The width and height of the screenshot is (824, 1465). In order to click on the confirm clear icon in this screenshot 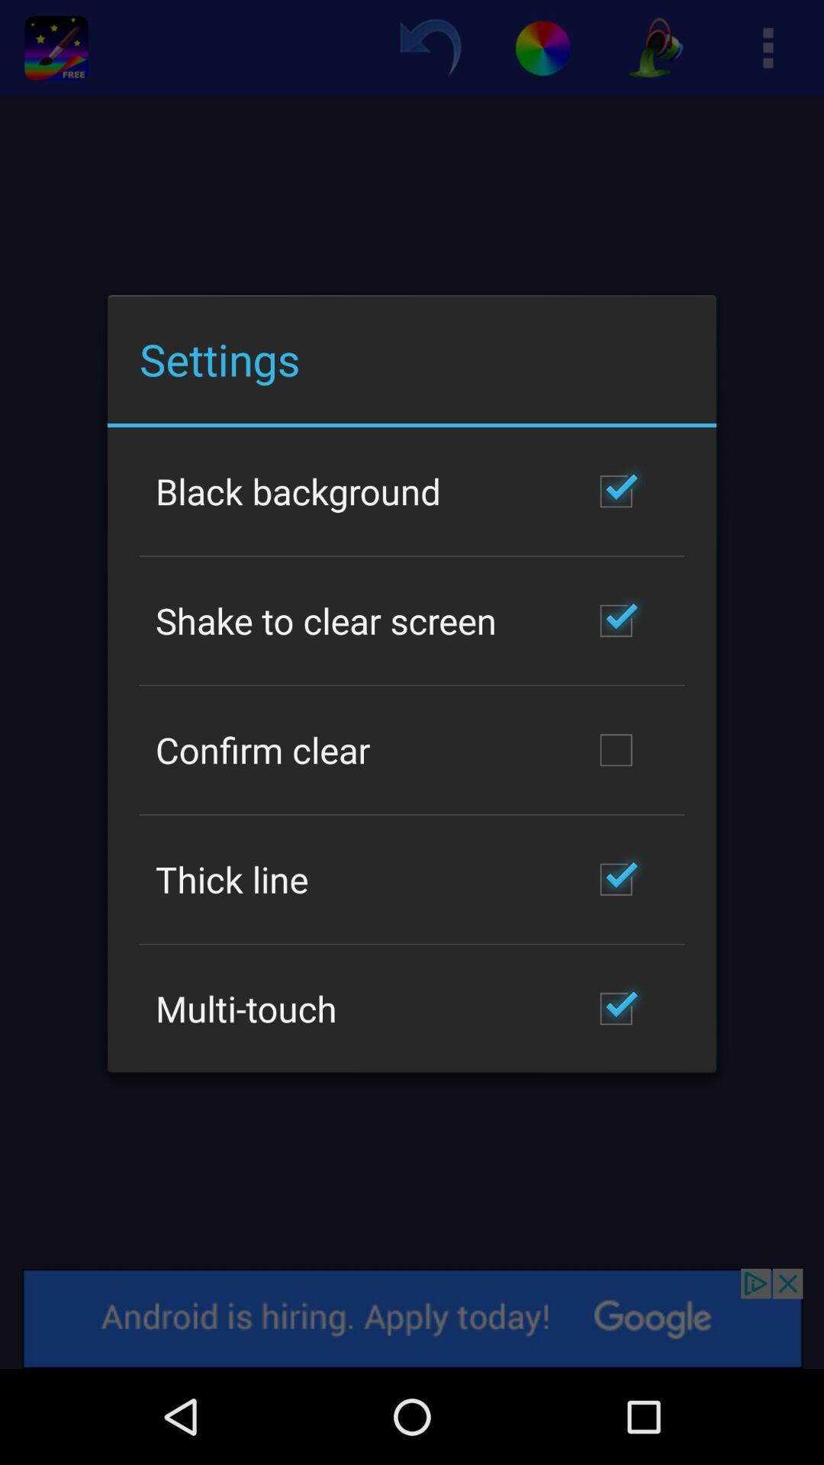, I will do `click(262, 749)`.